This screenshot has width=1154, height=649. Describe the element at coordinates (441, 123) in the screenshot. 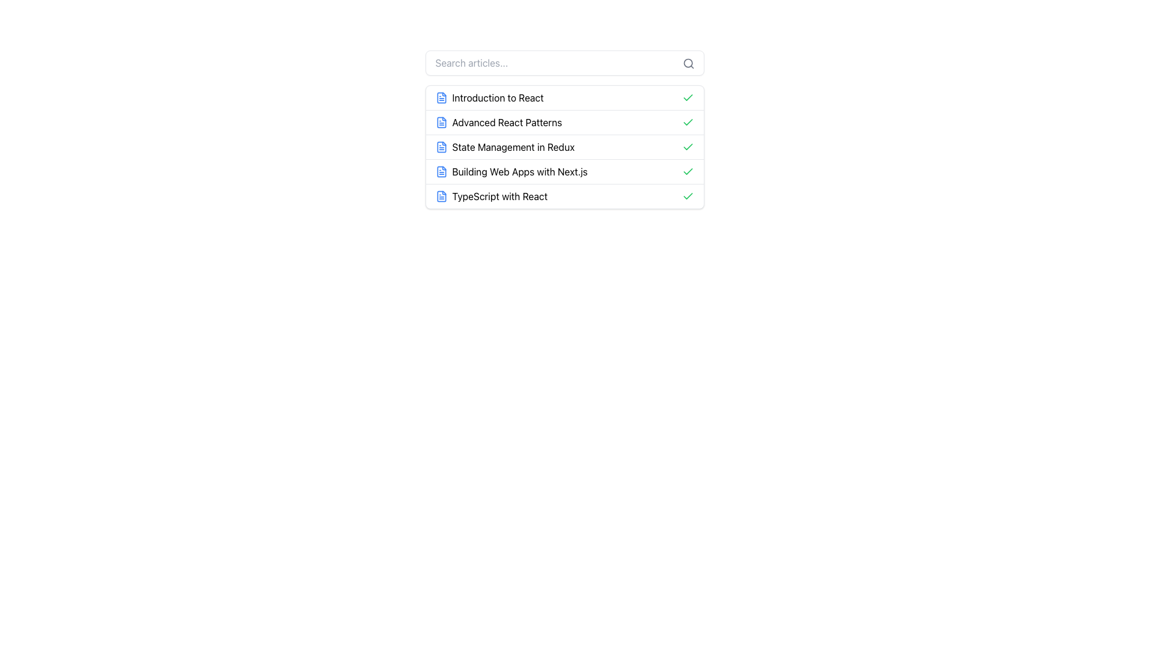

I see `the decorative icon associated with the 'Advanced React Patterns' text entry, which is the second icon in the vertical list to the left of the text` at that location.